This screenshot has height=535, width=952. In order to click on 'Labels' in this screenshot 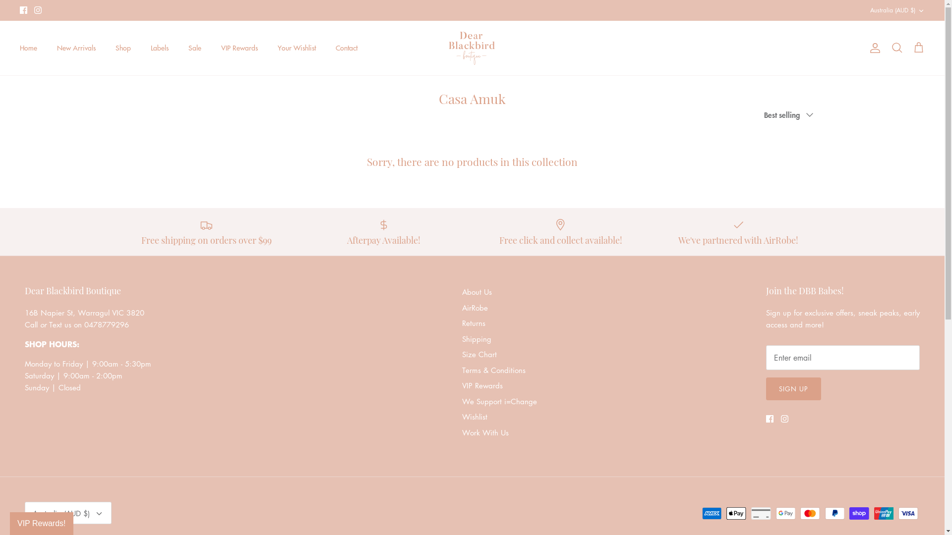, I will do `click(159, 48)`.